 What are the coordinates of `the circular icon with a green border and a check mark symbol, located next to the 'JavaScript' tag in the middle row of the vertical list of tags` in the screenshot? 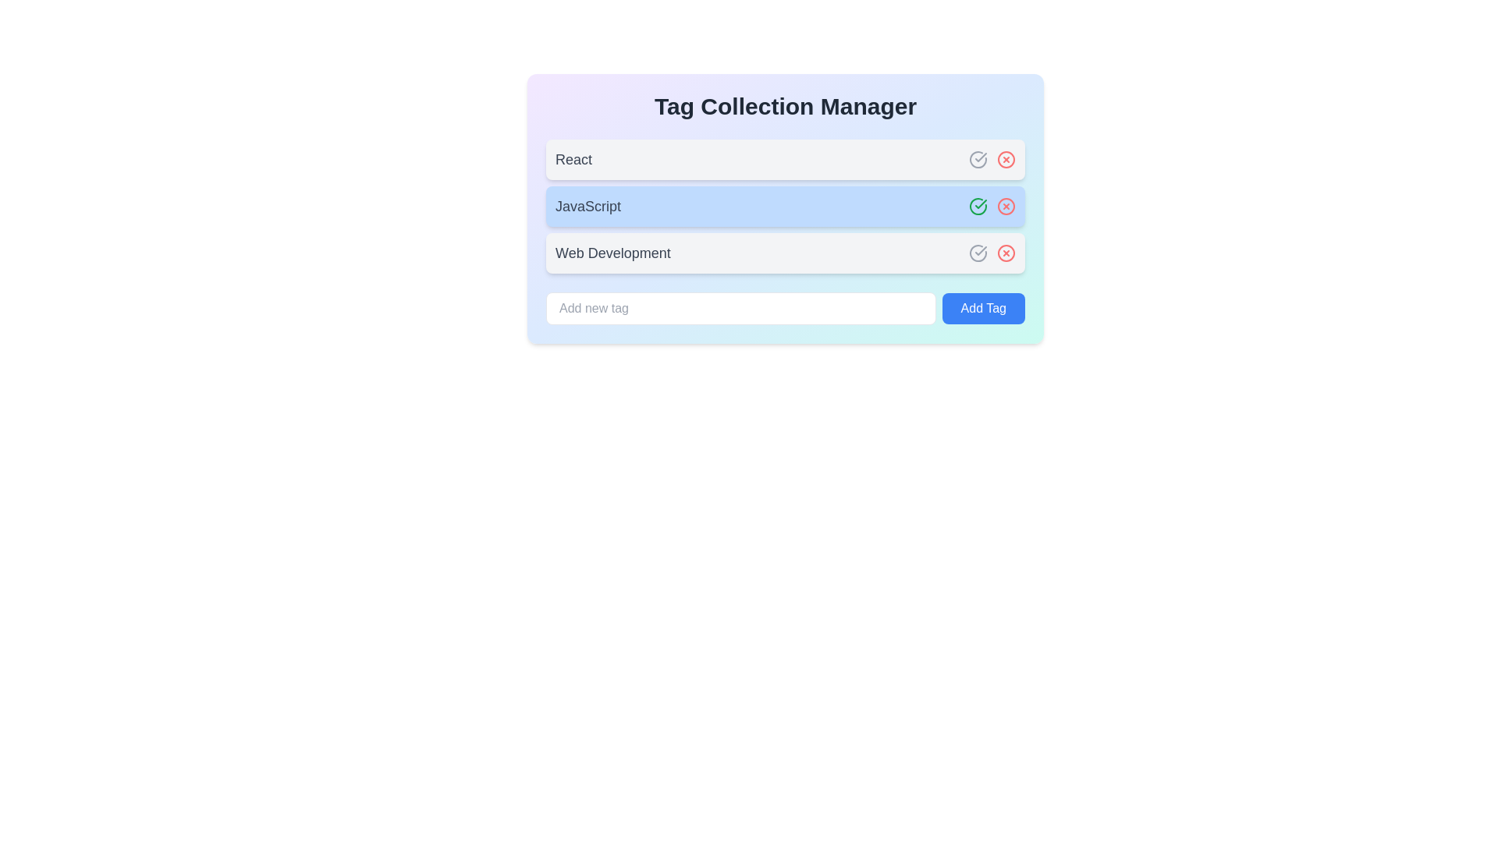 It's located at (977, 206).